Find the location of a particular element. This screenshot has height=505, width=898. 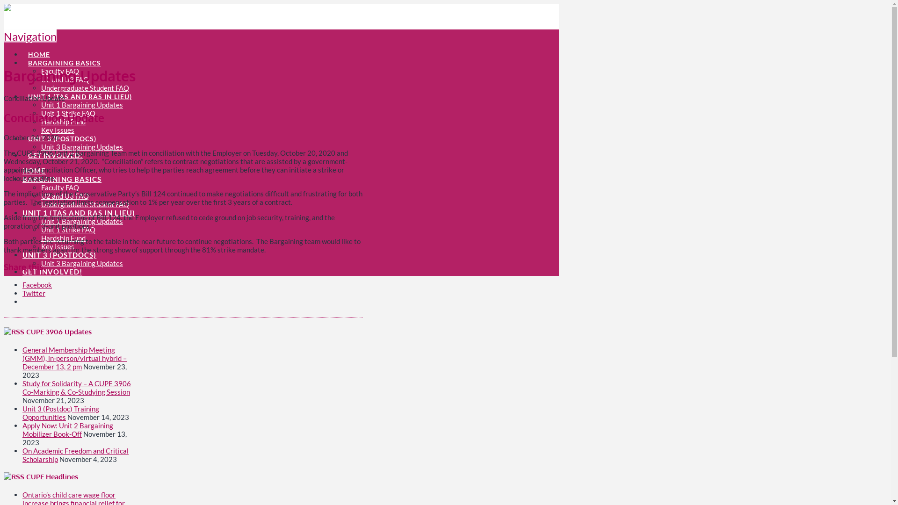

'Twitter' is located at coordinates (22, 293).